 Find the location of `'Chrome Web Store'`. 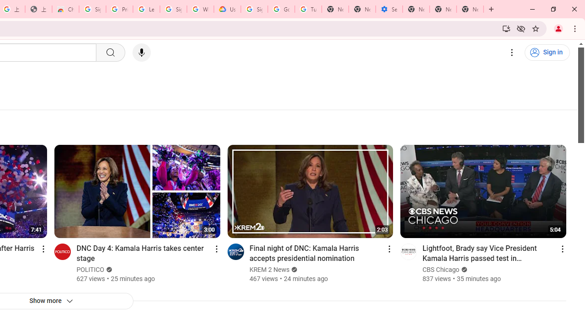

'Chrome Web Store' is located at coordinates (65, 9).